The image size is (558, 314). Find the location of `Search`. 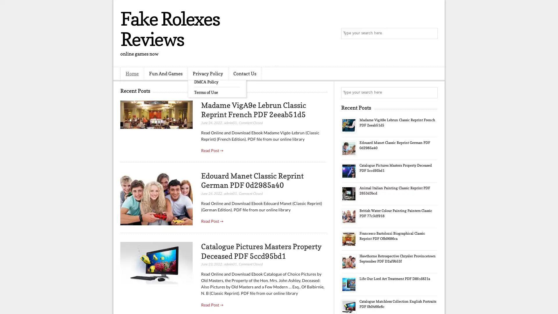

Search is located at coordinates (432, 92).